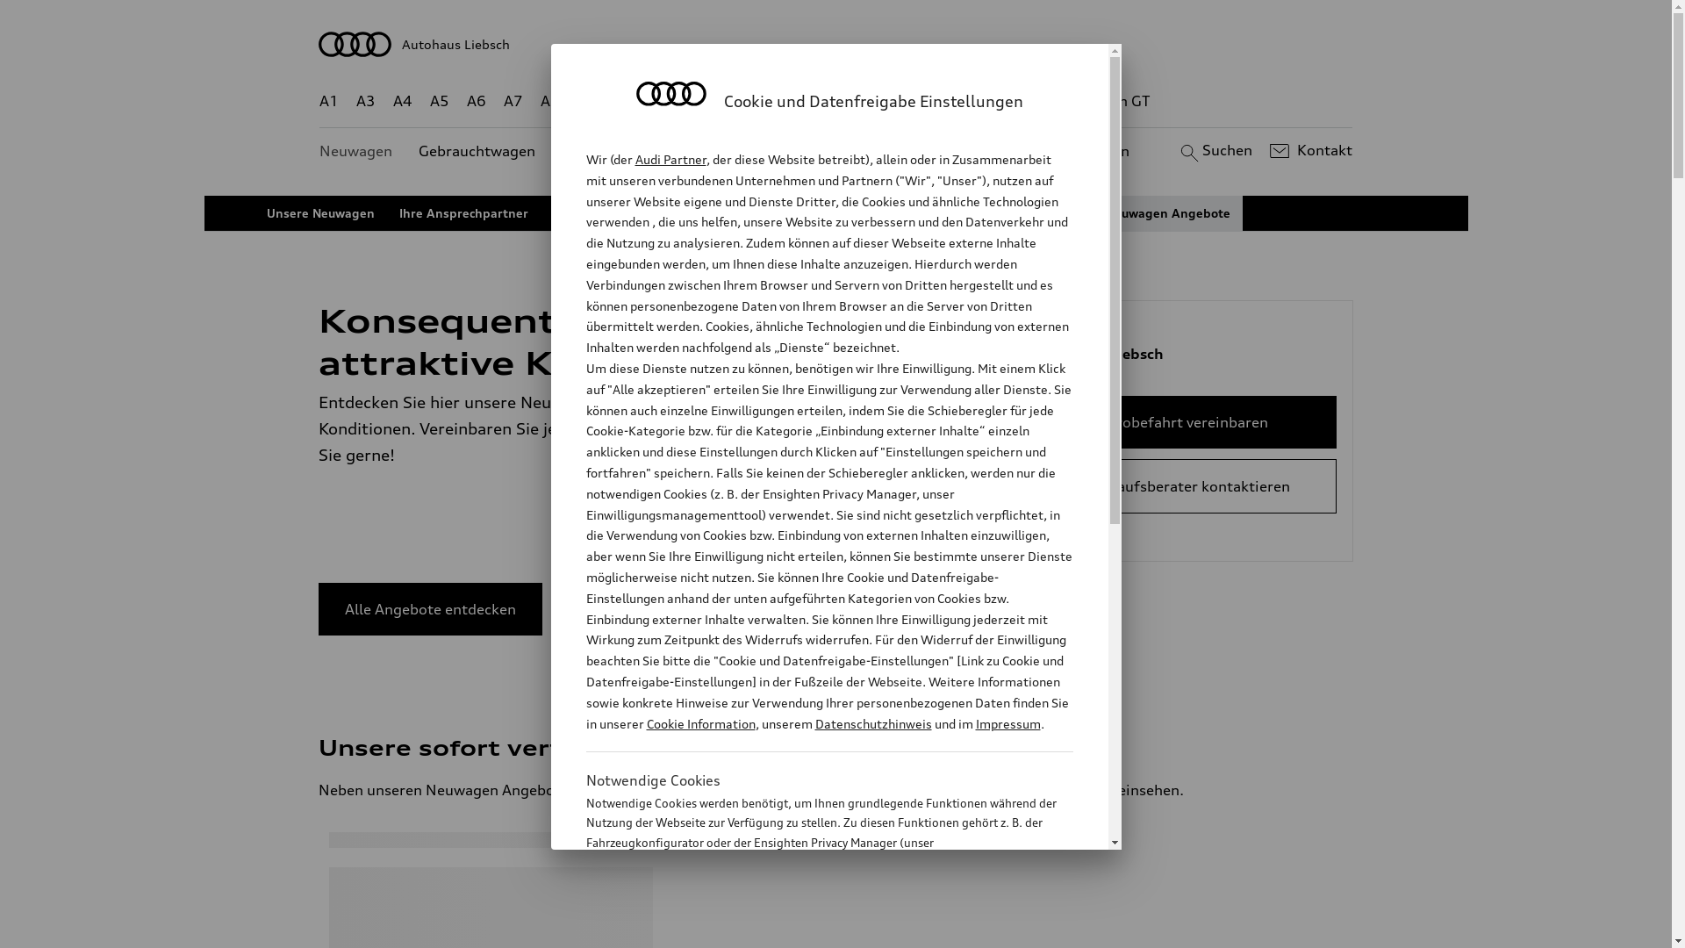 Image resolution: width=1685 pixels, height=948 pixels. Describe the element at coordinates (737, 101) in the screenshot. I see `'Q5'` at that location.